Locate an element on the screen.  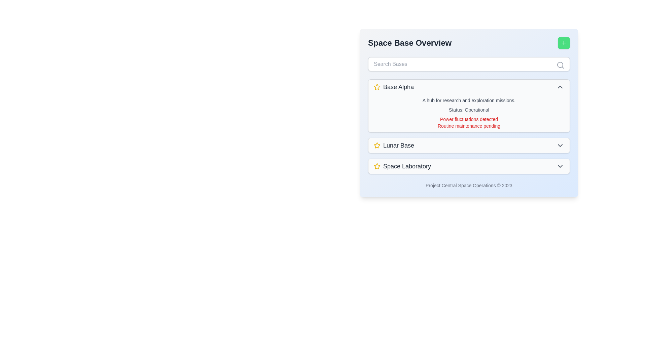
the text label for the 'Lunar Base' section, which serves as its title and is positioned above the dropdown indicator is located at coordinates (399, 145).